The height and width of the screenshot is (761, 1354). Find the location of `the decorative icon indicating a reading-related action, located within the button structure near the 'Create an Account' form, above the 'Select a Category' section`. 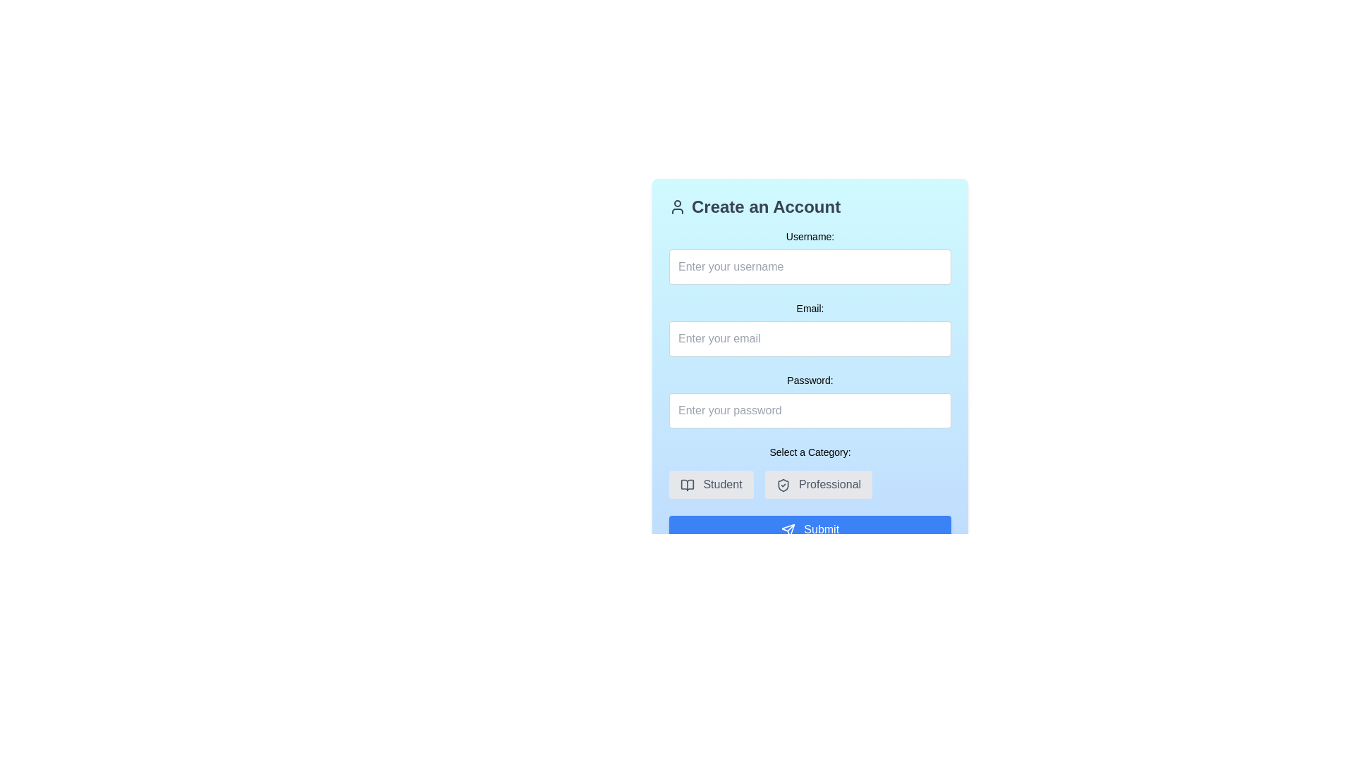

the decorative icon indicating a reading-related action, located within the button structure near the 'Create an Account' form, above the 'Select a Category' section is located at coordinates (687, 483).